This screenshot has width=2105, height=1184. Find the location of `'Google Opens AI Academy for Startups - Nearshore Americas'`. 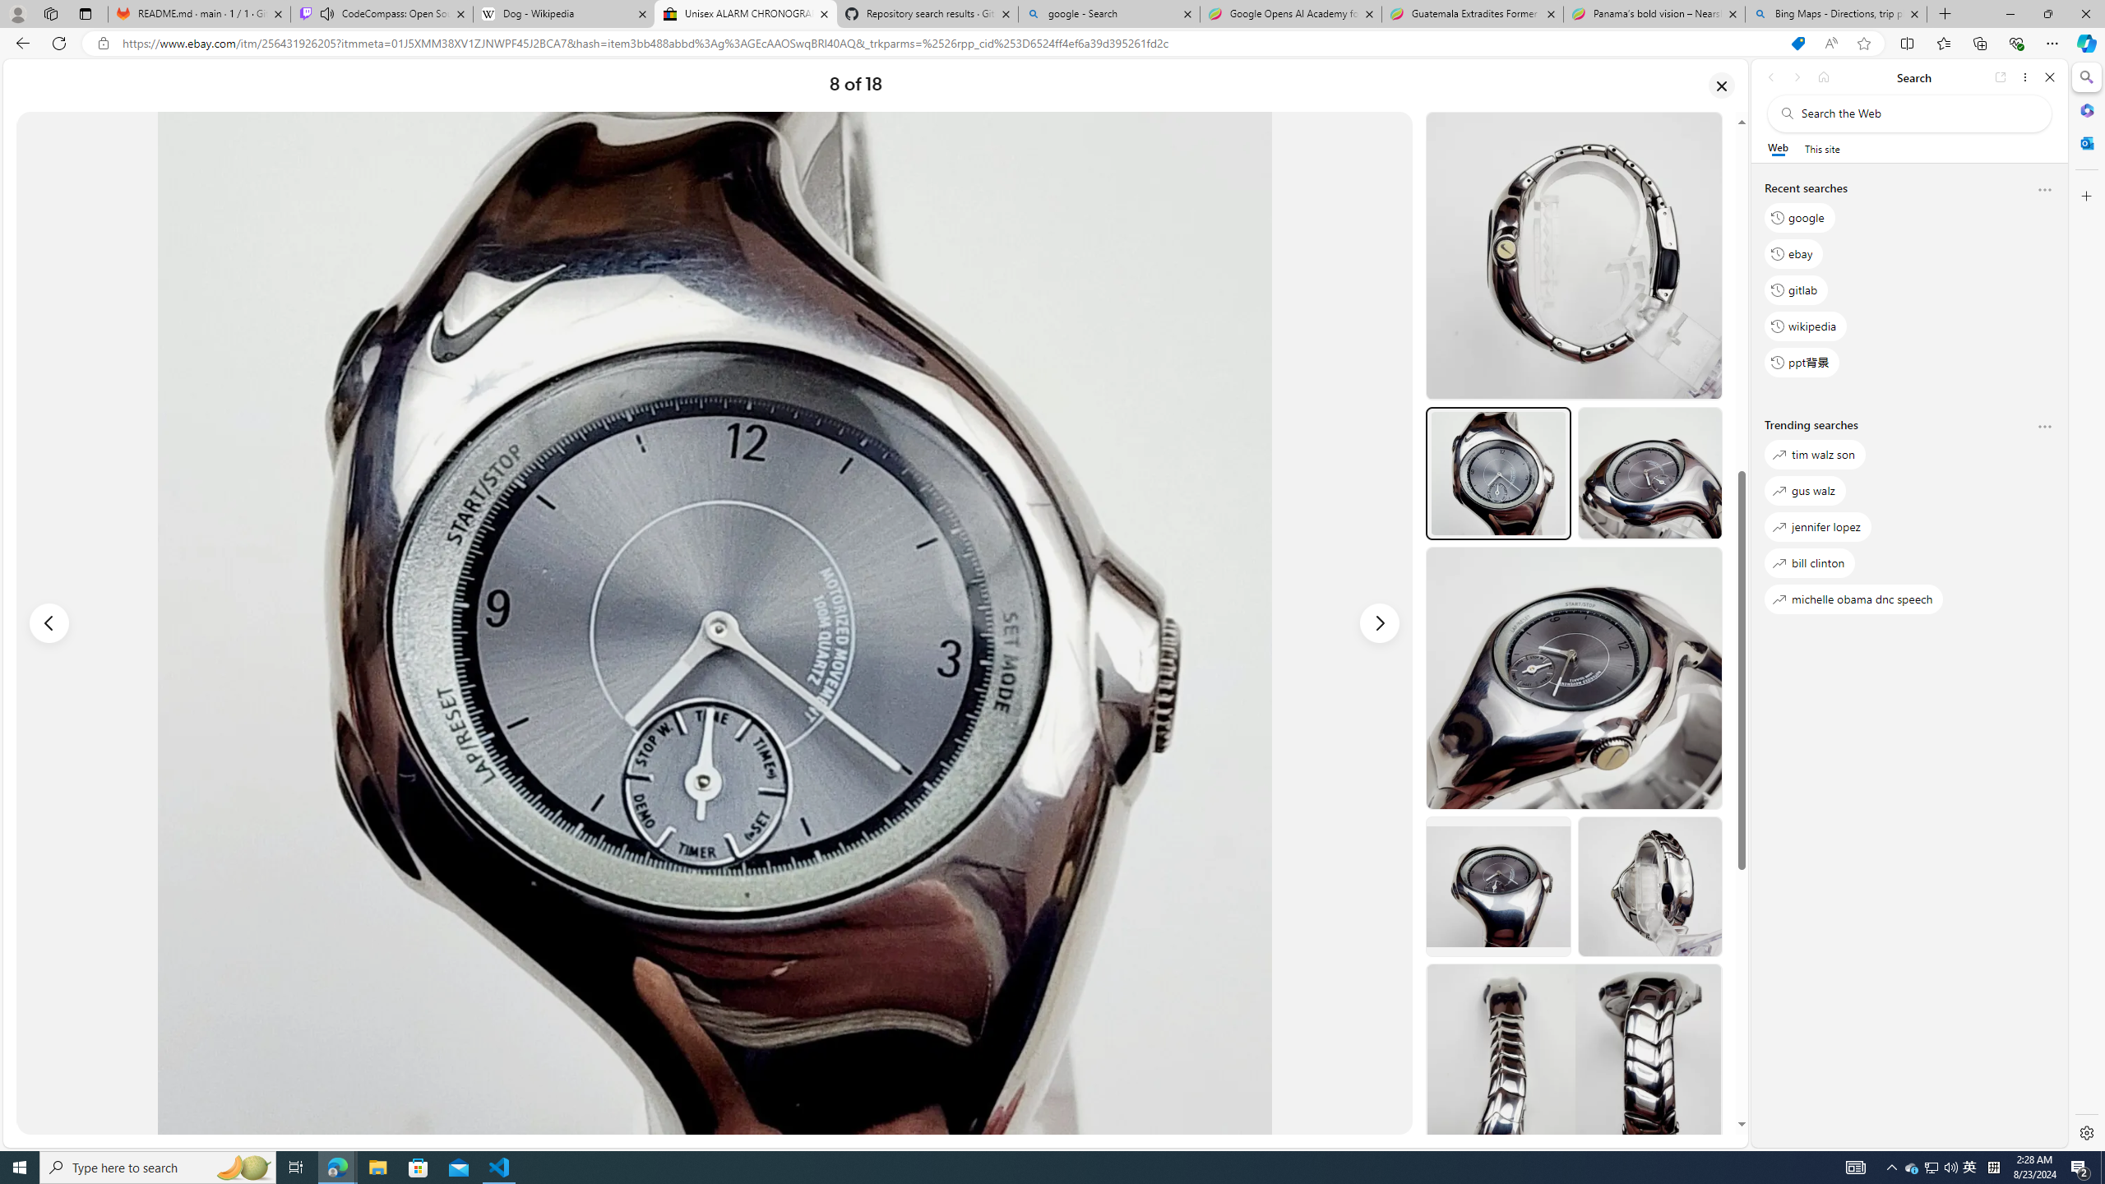

'Google Opens AI Academy for Startups - Nearshore Americas' is located at coordinates (1290, 13).